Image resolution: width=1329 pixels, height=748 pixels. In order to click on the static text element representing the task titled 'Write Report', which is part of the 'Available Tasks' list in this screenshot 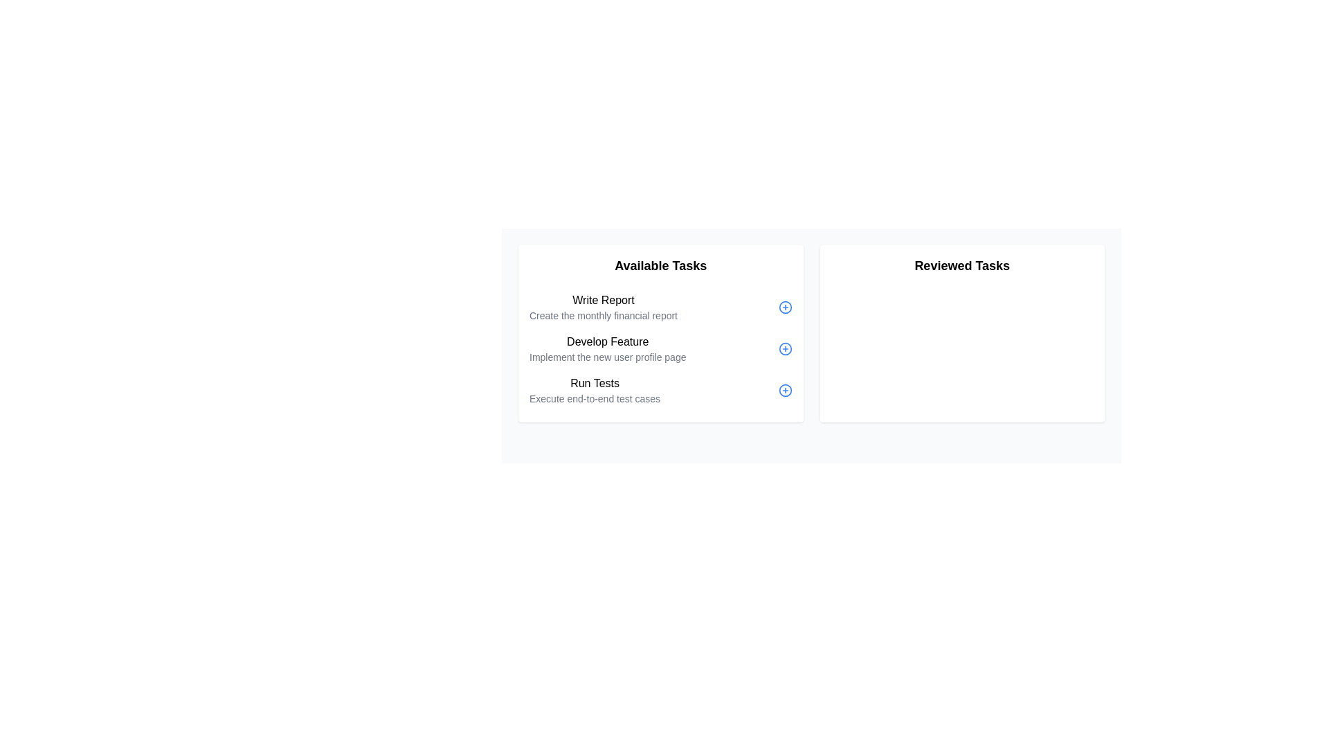, I will do `click(604, 300)`.